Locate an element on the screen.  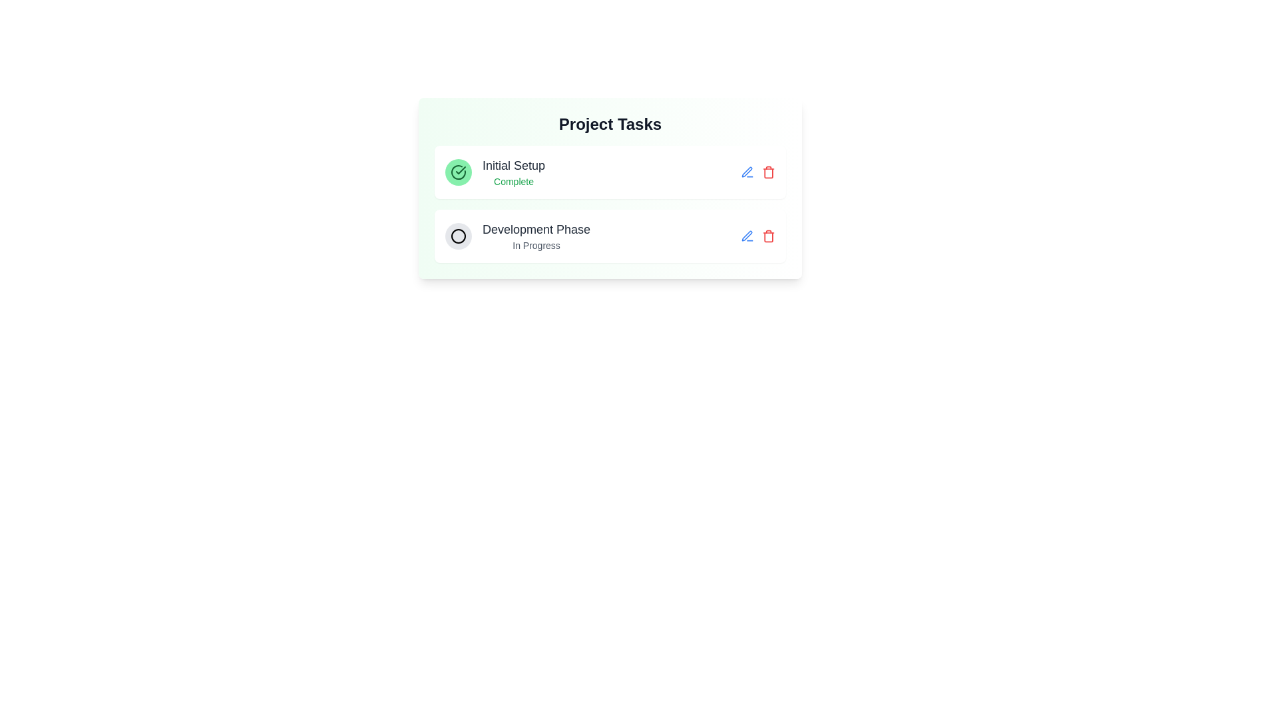
the graphical icon element that indicates the 'Initial Setup' task is complete, located within the green circular button at the far left of the task row is located at coordinates (459, 171).